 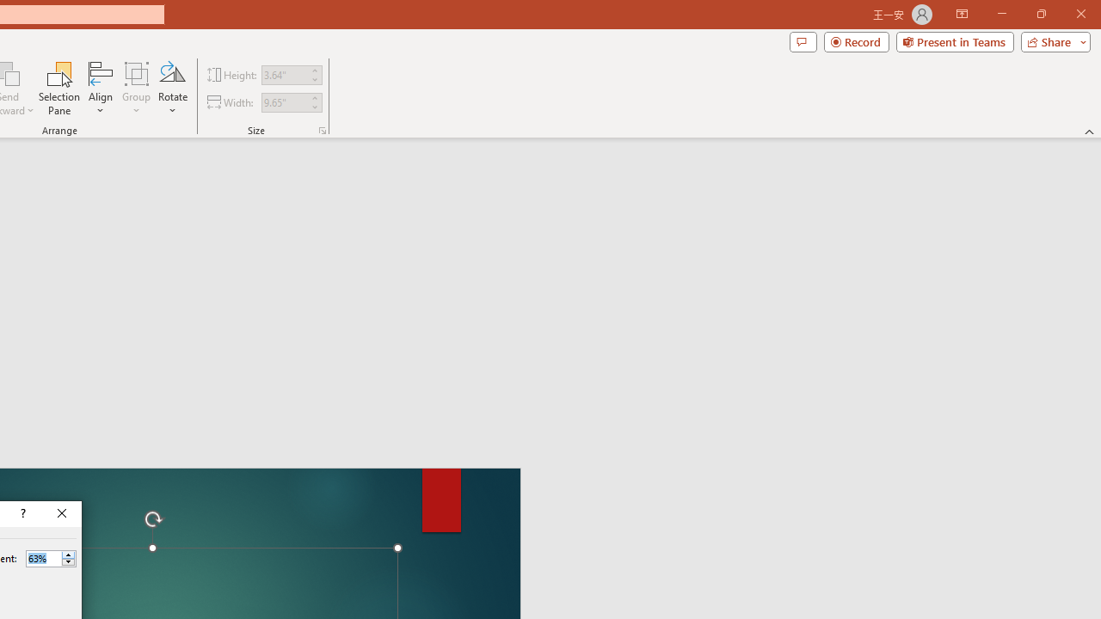 What do you see at coordinates (59, 89) in the screenshot?
I see `'Selection Pane...'` at bounding box center [59, 89].